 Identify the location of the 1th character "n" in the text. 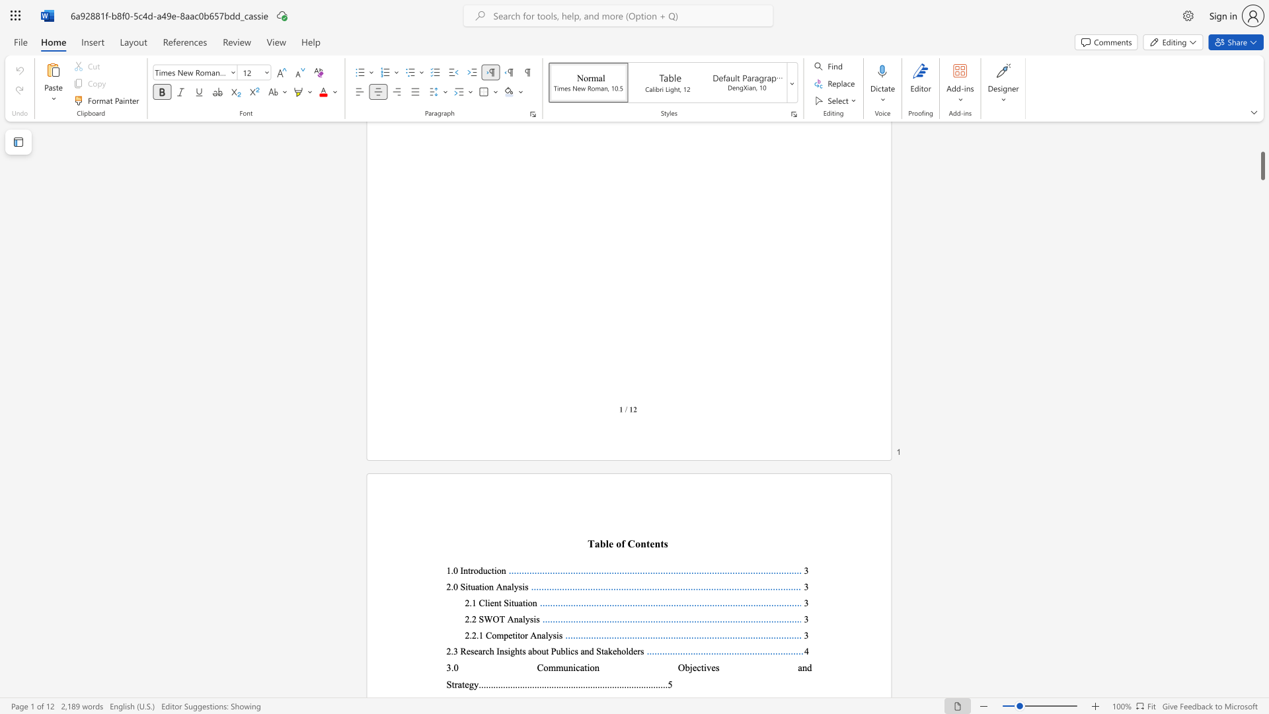
(465, 570).